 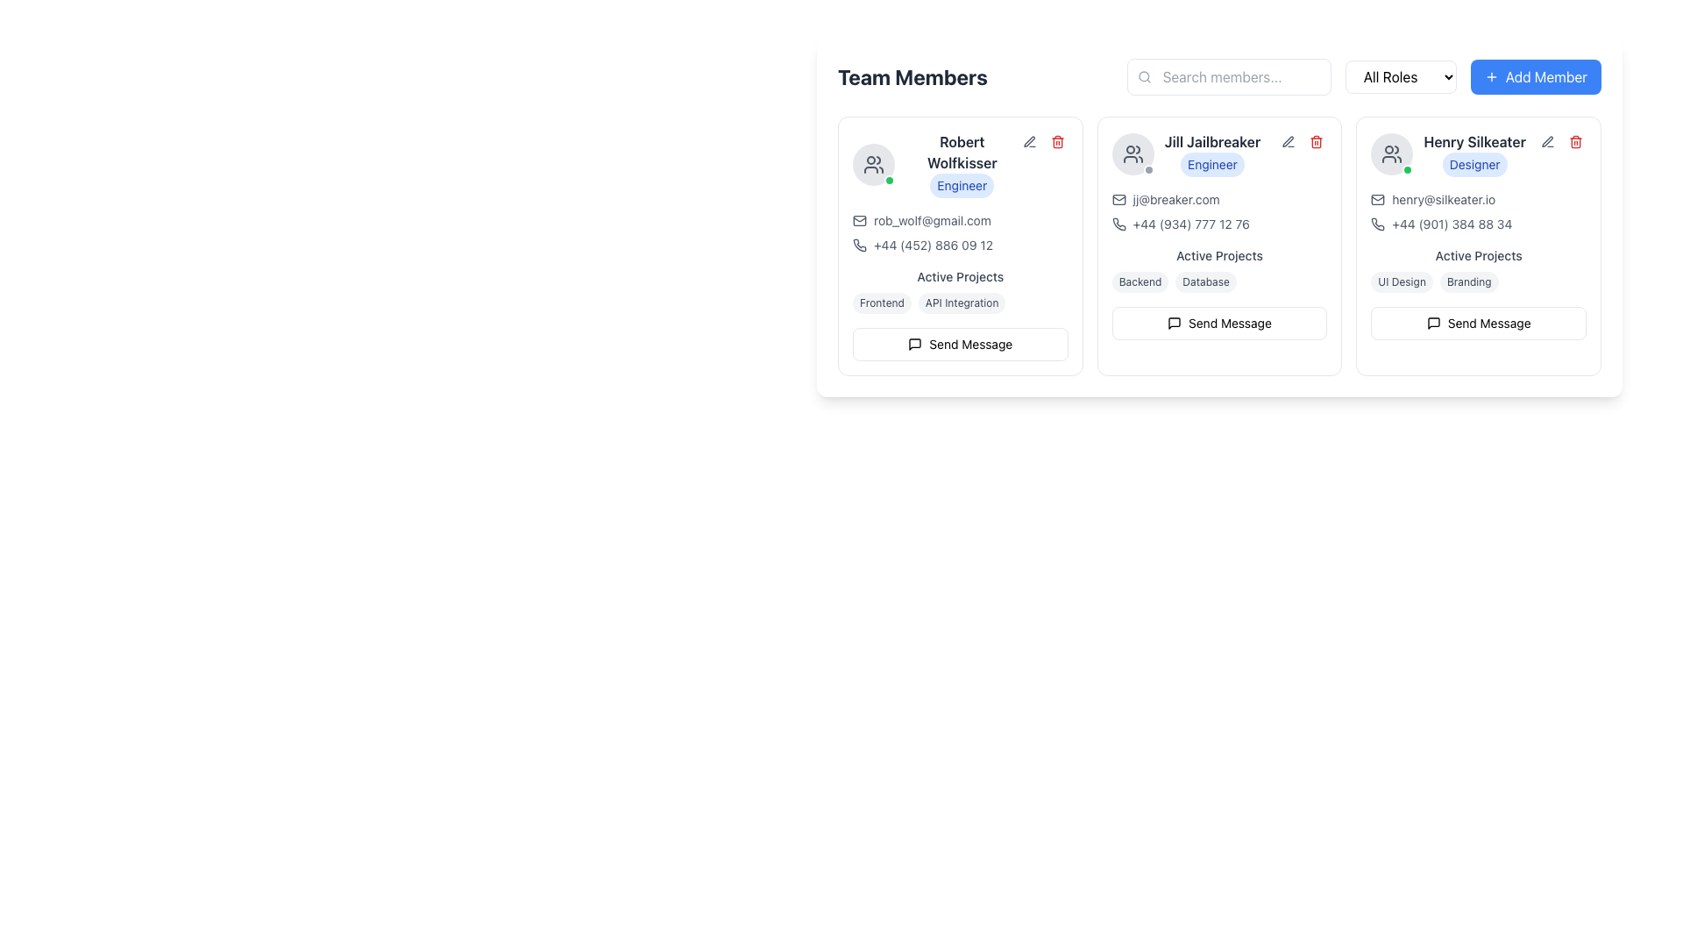 I want to click on the SVG graphical icon that signifies the email address, located to the left of 'rob_wolf@gmail.com' in the 'Team Members' card for 'Robert Wolfkisser', so click(x=859, y=219).